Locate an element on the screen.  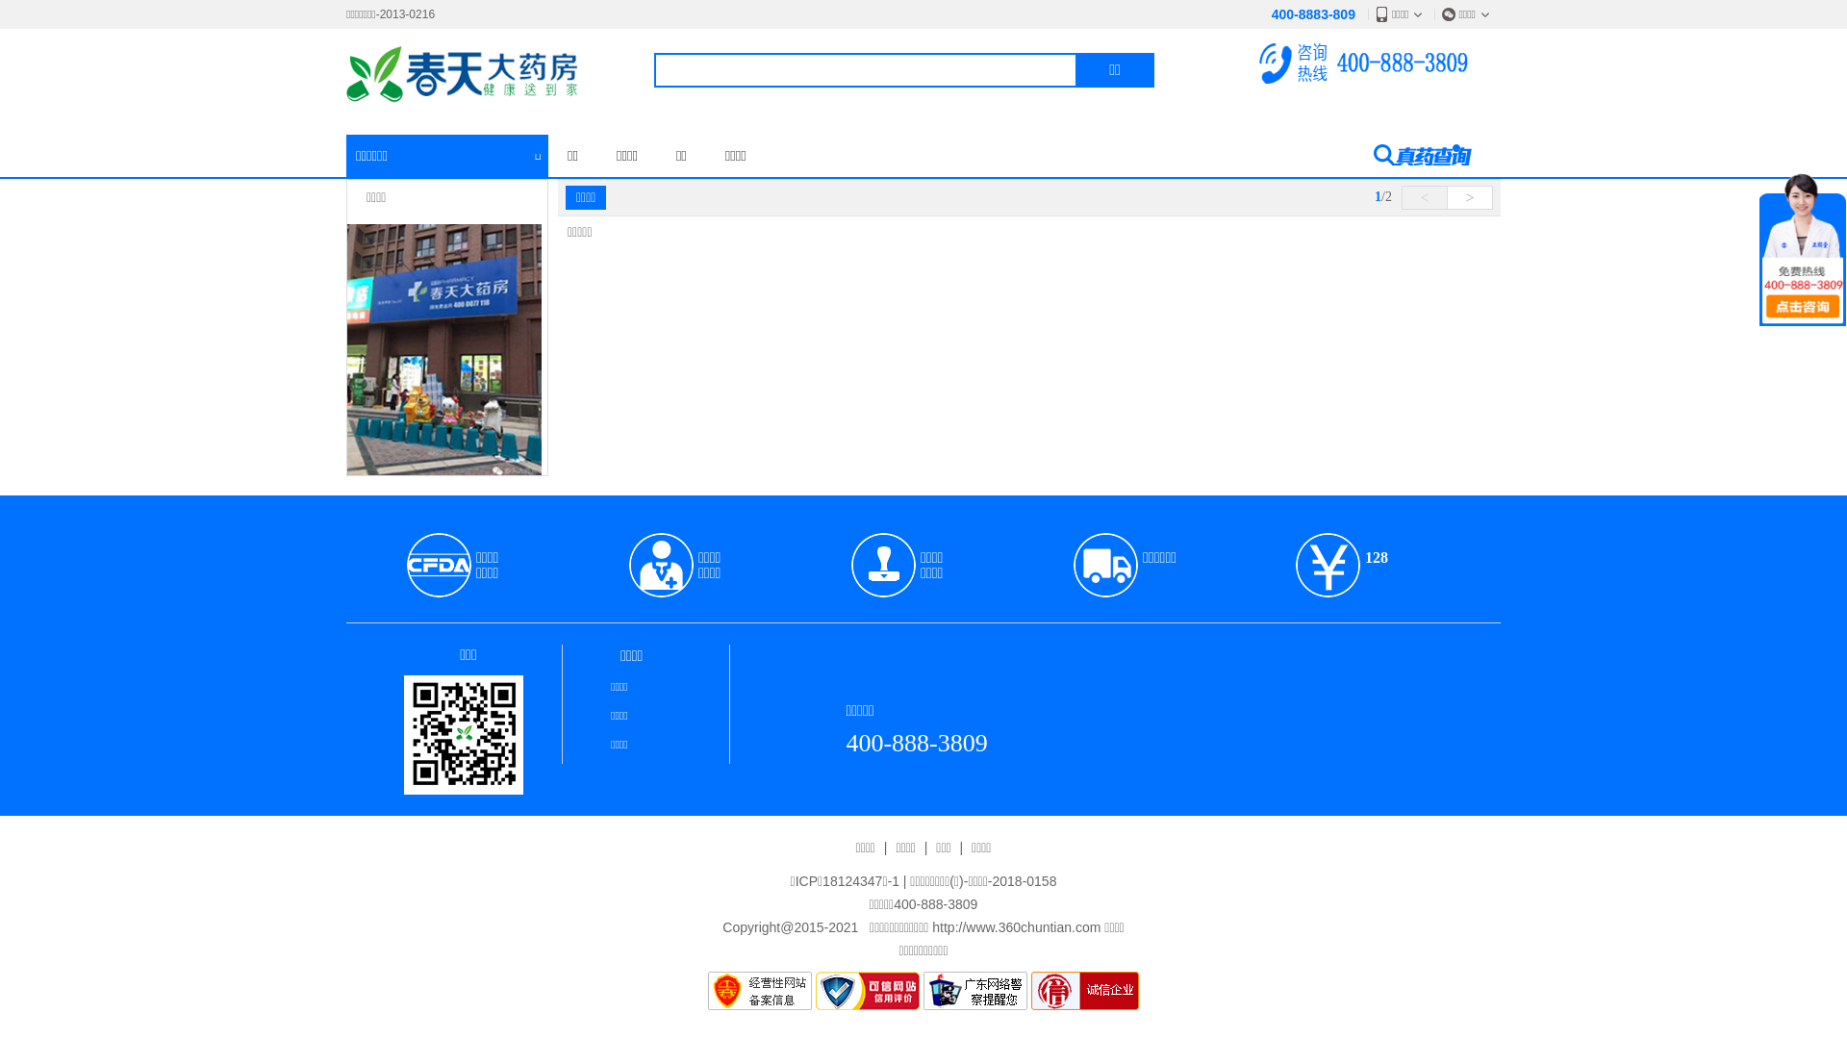
'>' is located at coordinates (1468, 197).